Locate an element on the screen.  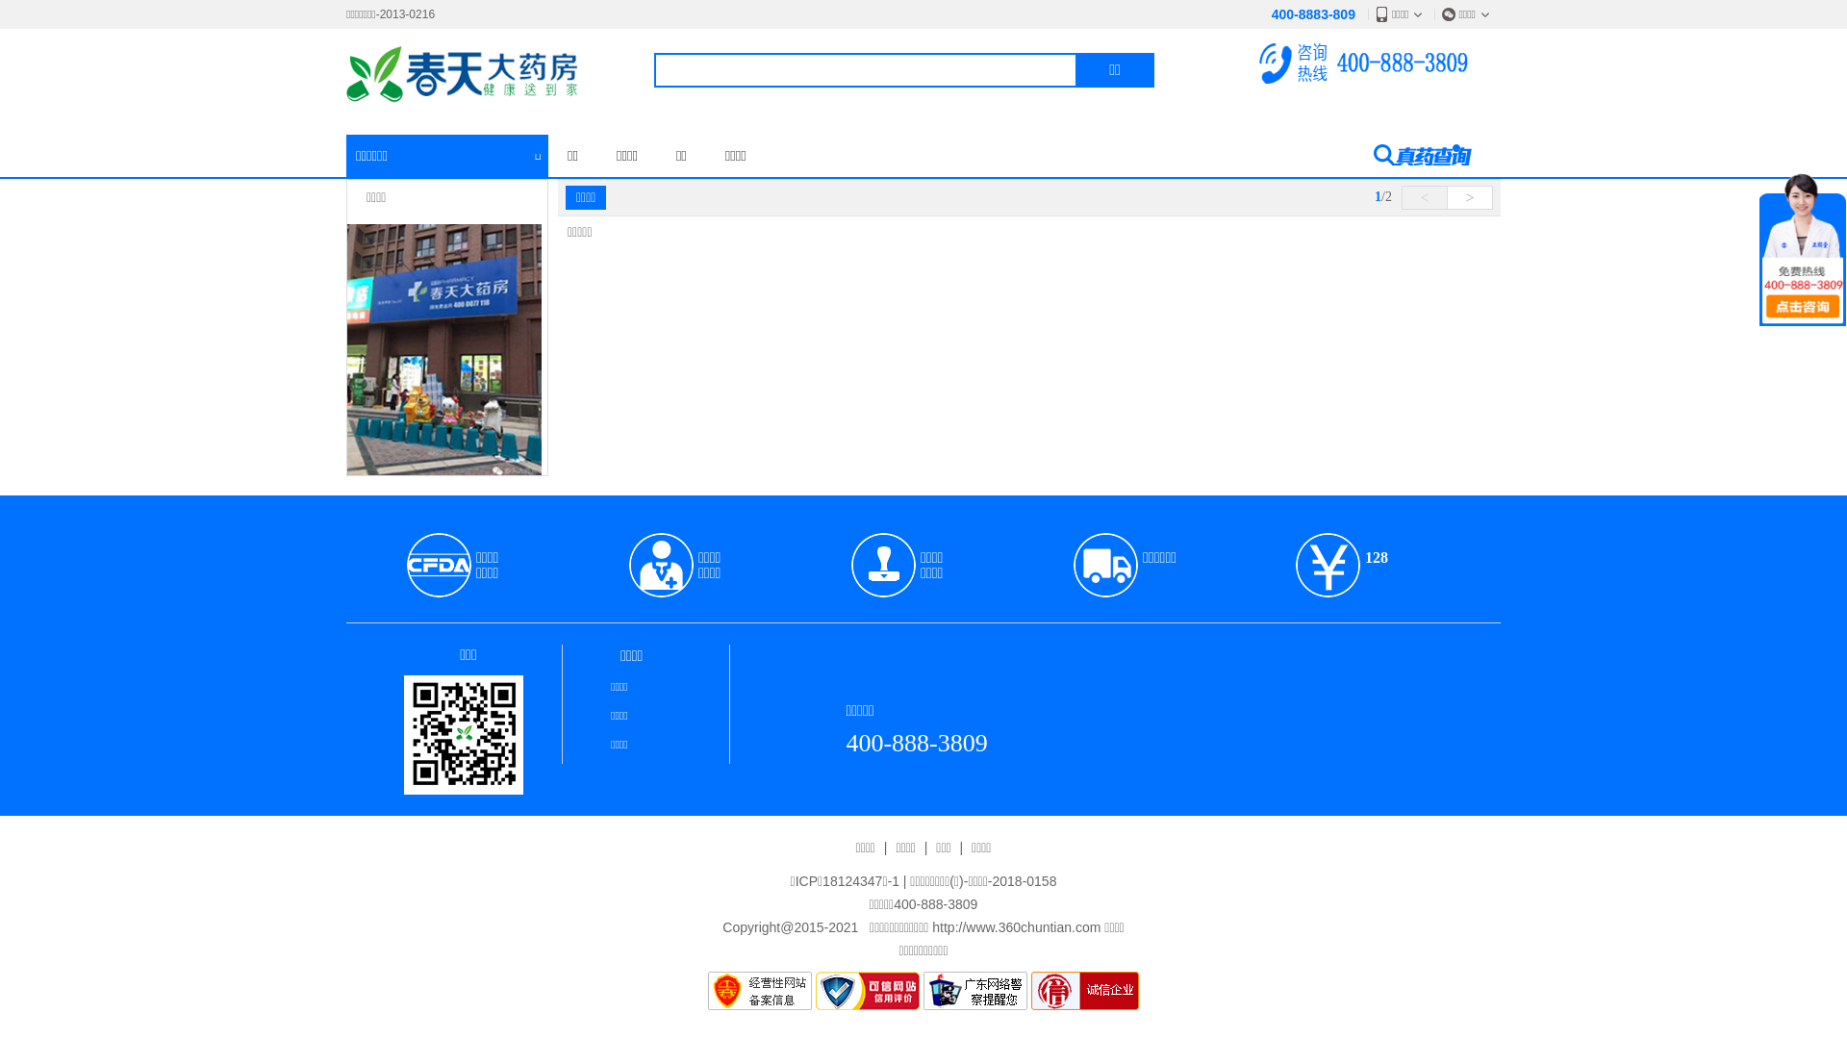
'>' is located at coordinates (1468, 197).